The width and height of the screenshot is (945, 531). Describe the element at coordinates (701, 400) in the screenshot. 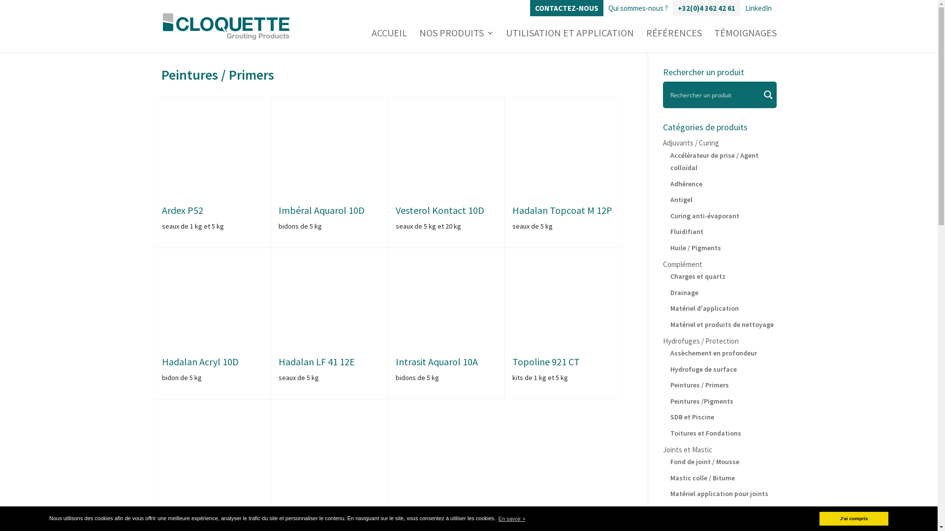

I see `'Peintures /Pigments'` at that location.